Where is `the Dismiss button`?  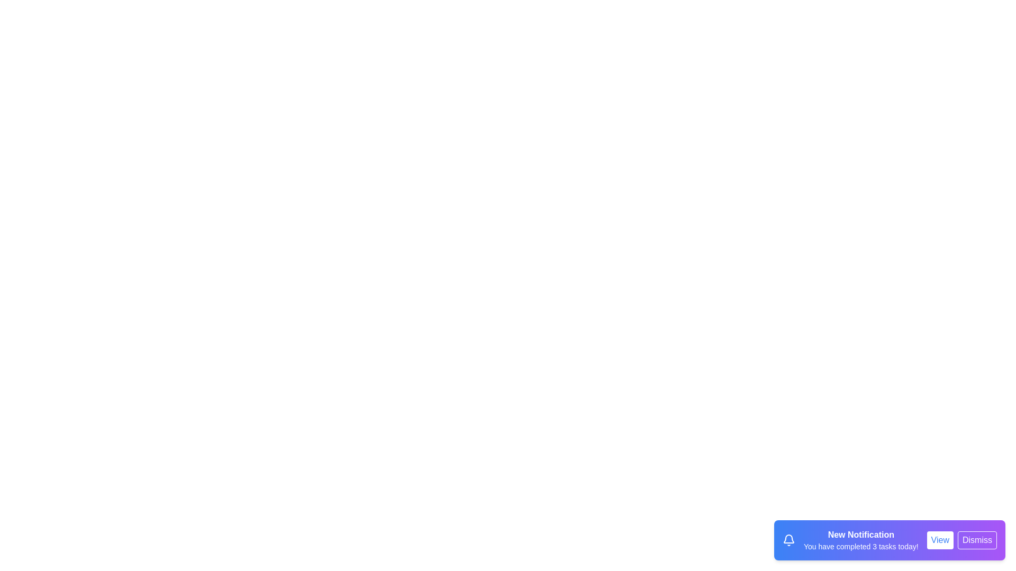
the Dismiss button is located at coordinates (977, 540).